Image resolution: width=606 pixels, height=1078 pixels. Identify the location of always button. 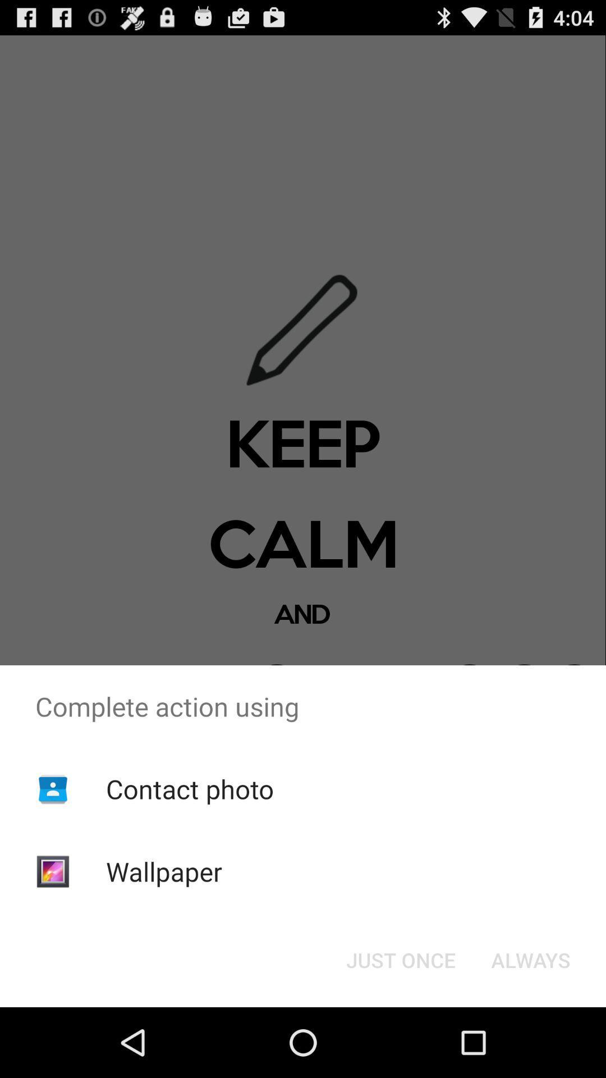
(530, 959).